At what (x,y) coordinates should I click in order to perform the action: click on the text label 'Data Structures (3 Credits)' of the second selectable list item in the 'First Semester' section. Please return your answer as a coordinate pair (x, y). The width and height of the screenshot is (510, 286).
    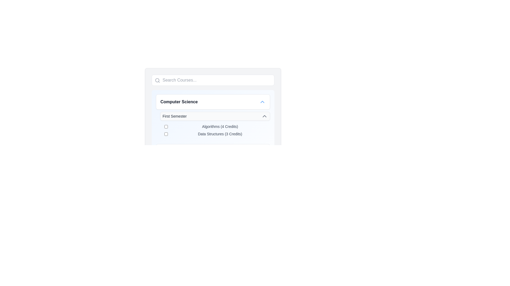
    Looking at the image, I should click on (217, 133).